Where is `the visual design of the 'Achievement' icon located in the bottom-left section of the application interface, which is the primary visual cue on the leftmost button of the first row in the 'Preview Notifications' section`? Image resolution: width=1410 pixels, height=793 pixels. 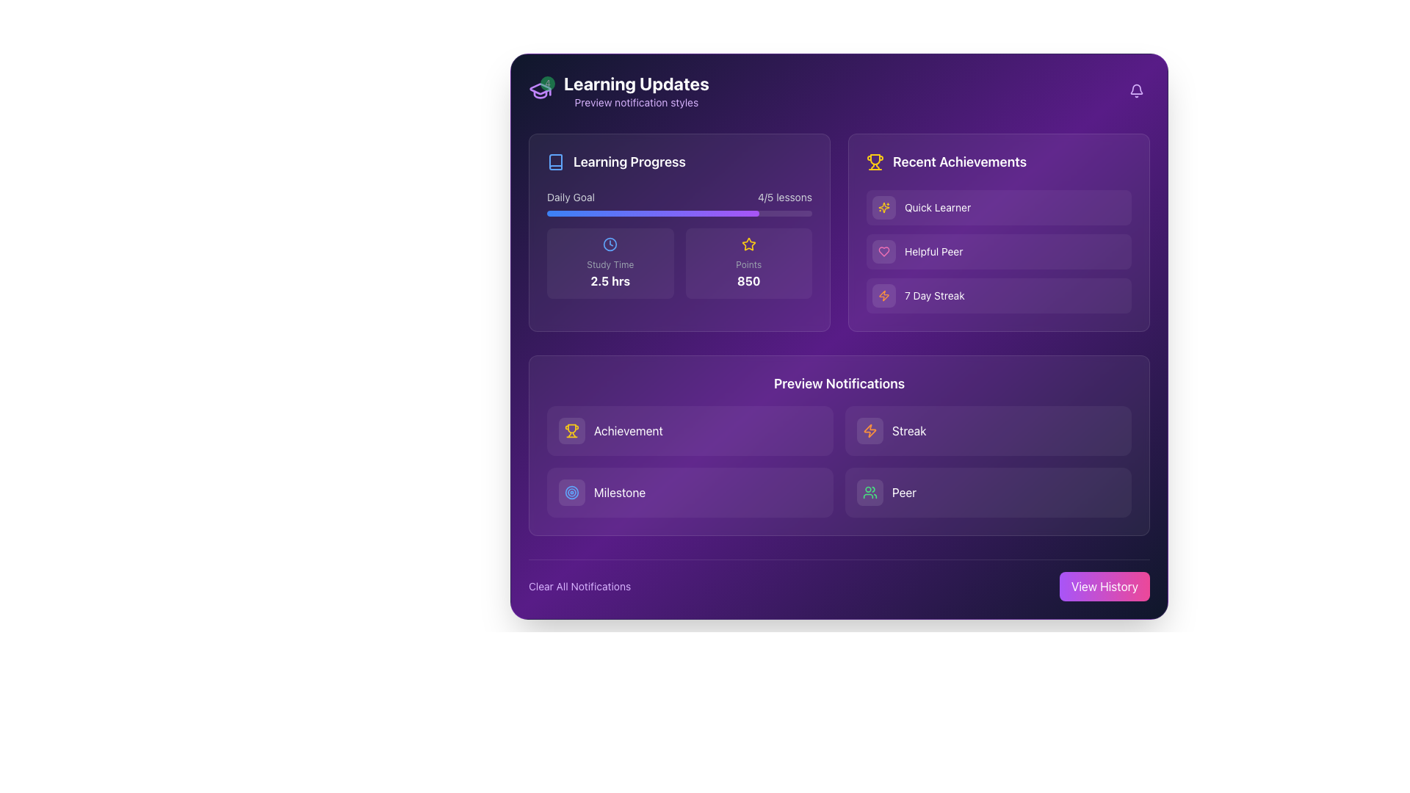 the visual design of the 'Achievement' icon located in the bottom-left section of the application interface, which is the primary visual cue on the leftmost button of the first row in the 'Preview Notifications' section is located at coordinates (571, 430).